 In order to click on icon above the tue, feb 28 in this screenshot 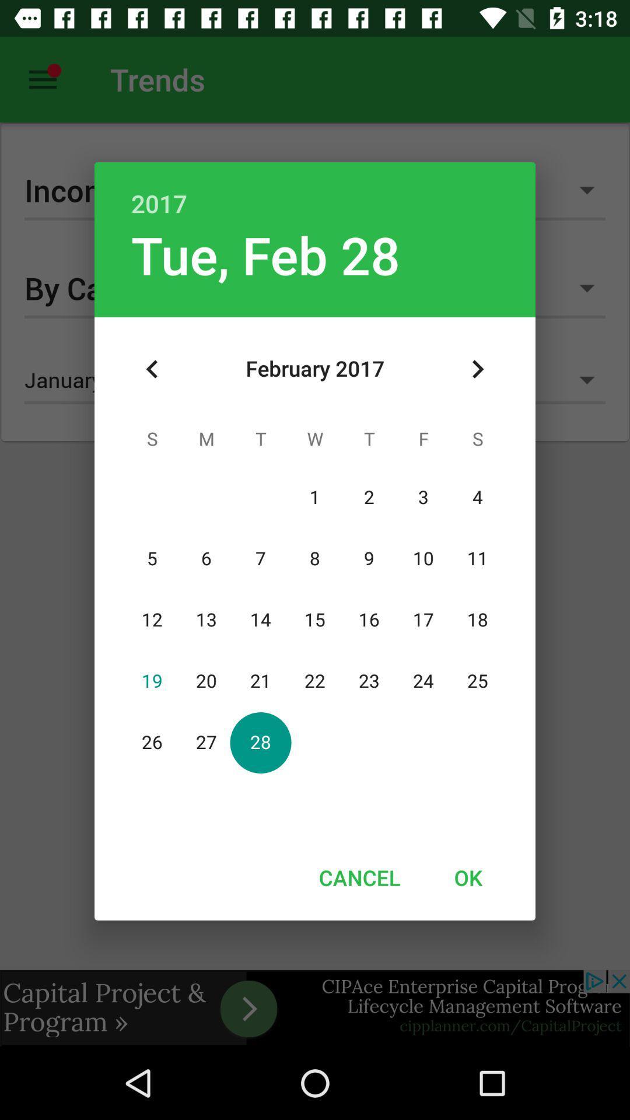, I will do `click(315, 191)`.